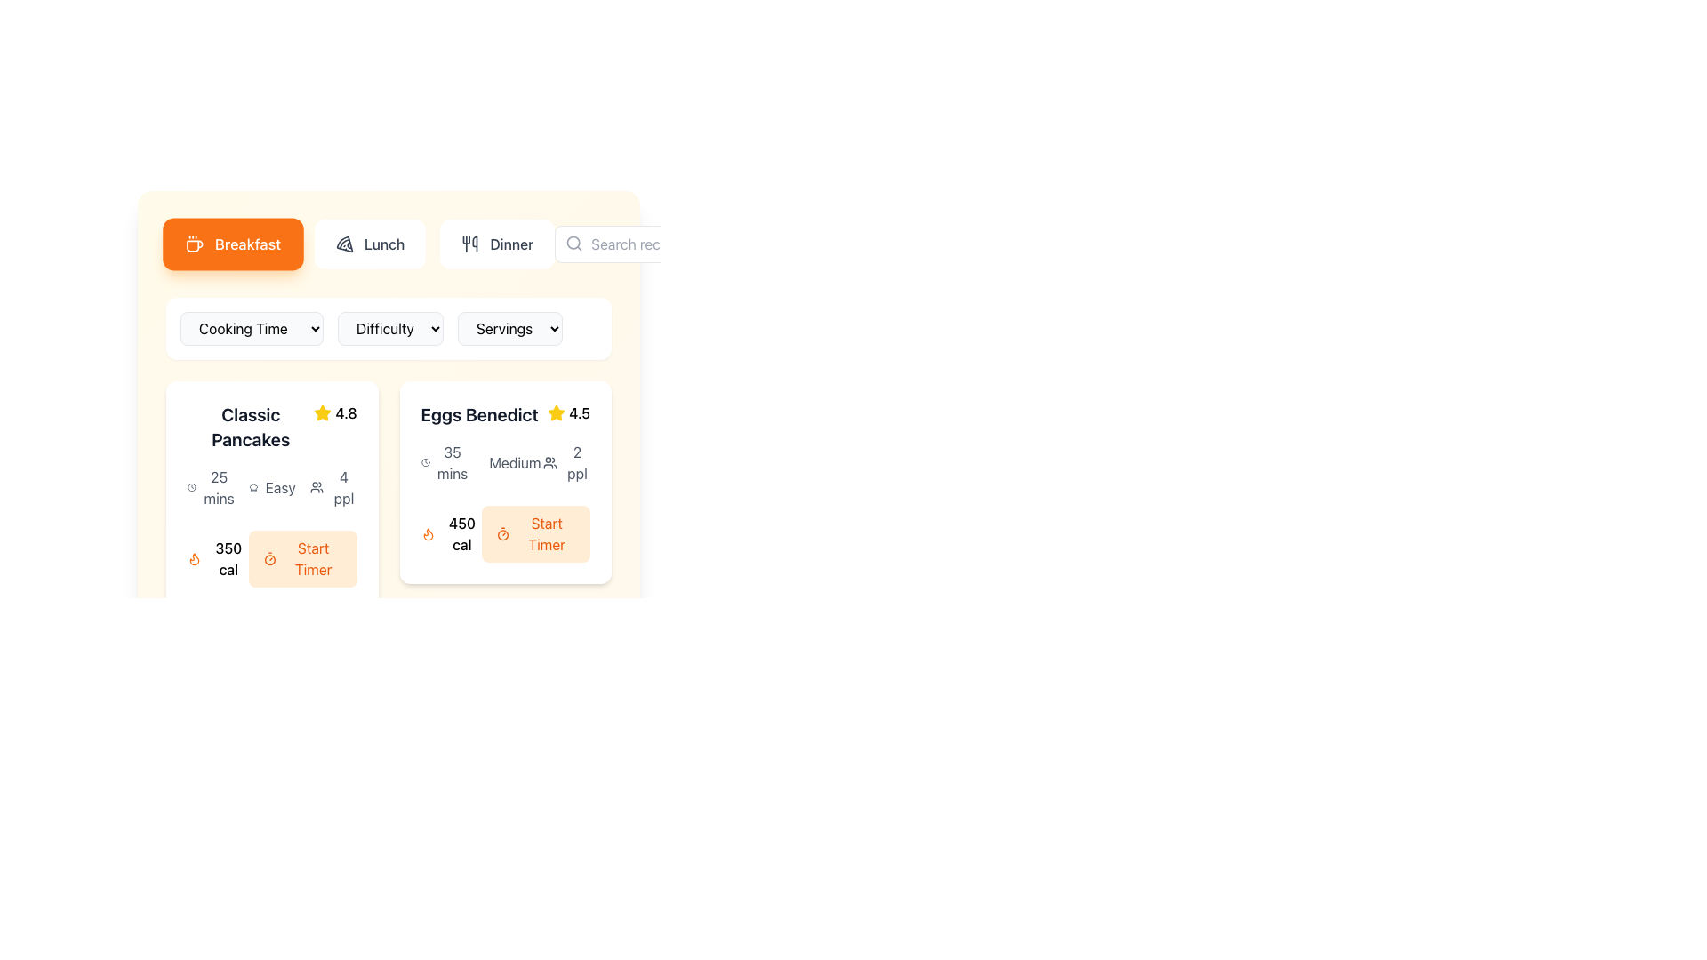 This screenshot has height=960, width=1707. Describe the element at coordinates (194, 244) in the screenshot. I see `the coffee cup icon, which is drawn in white on an orange circular background, located within the 'Breakfast' button on the navigation bar` at that location.